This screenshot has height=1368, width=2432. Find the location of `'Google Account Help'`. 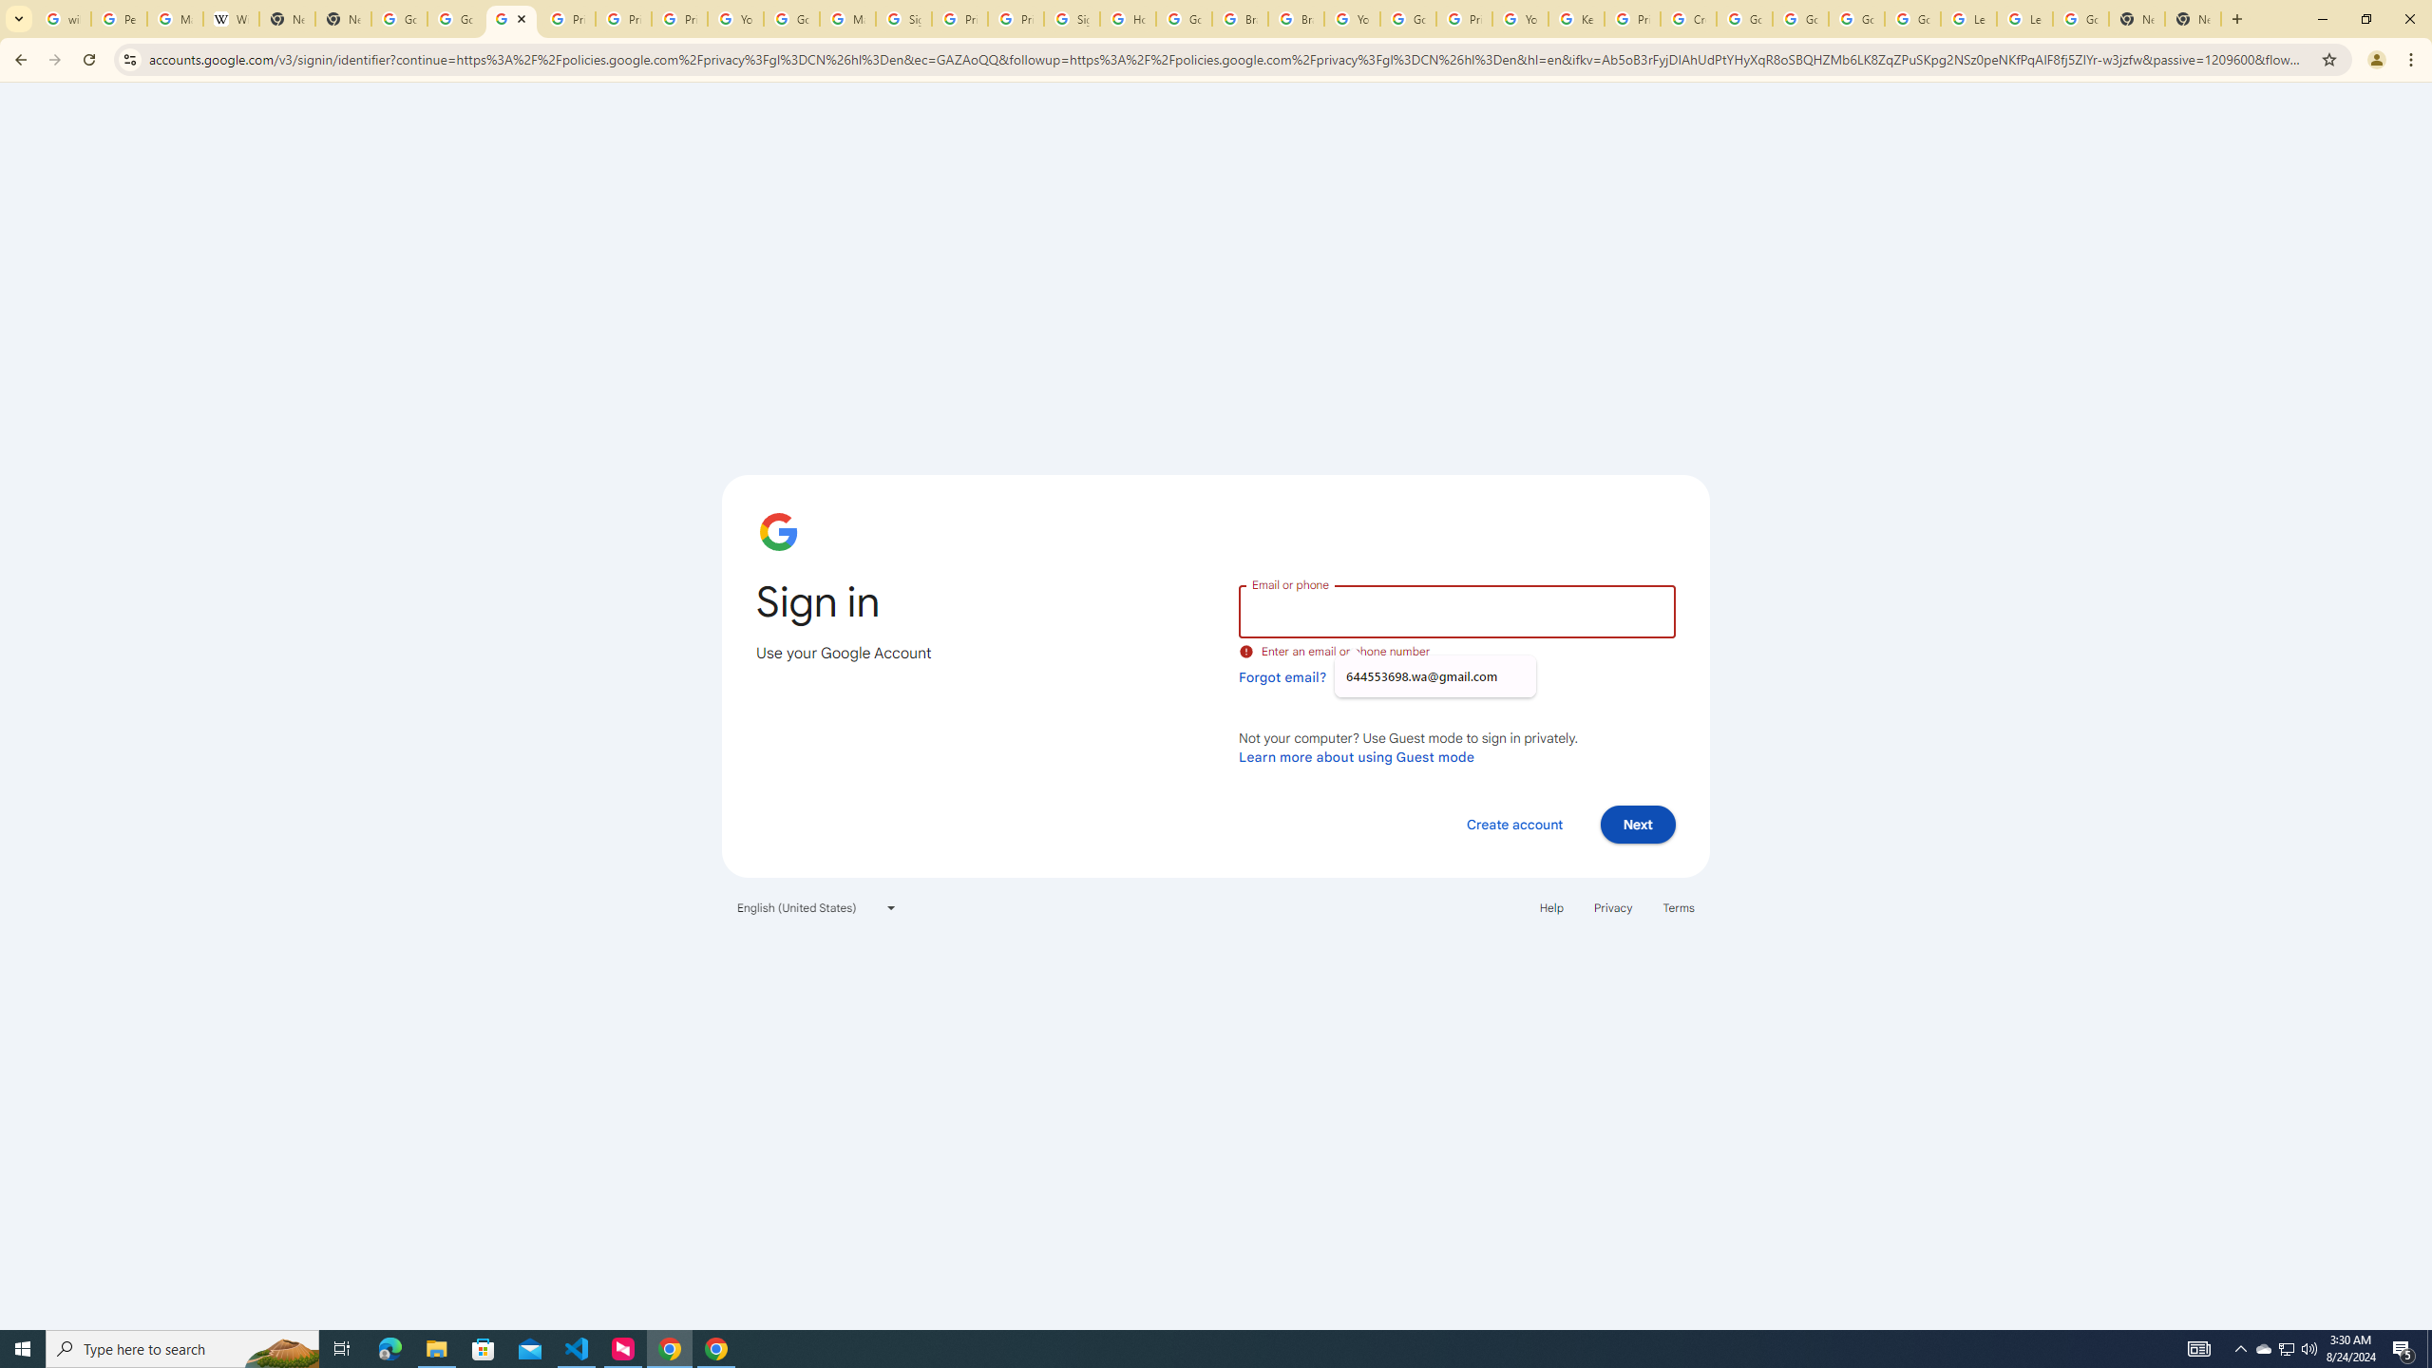

'Google Account Help' is located at coordinates (1855, 18).